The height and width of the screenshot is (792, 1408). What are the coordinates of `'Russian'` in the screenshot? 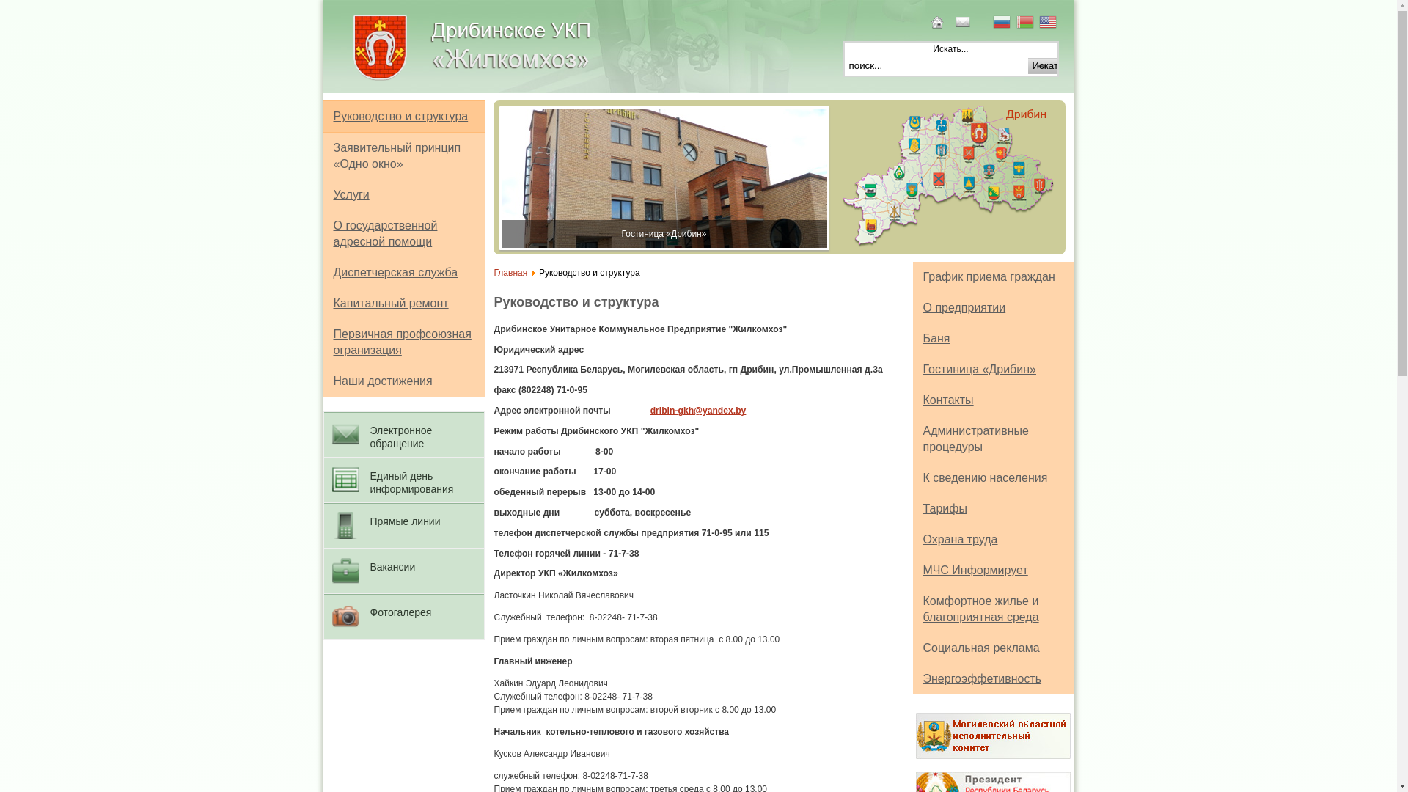 It's located at (1002, 23).